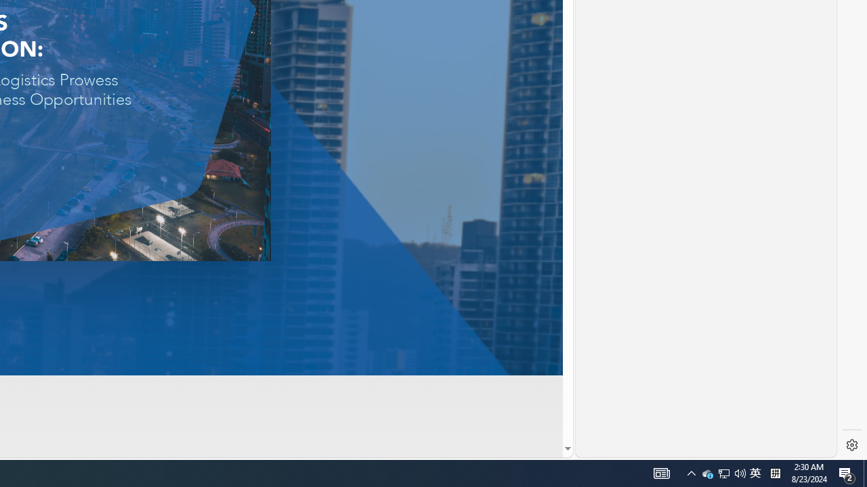 This screenshot has height=487, width=867. I want to click on 'Settings', so click(851, 445).